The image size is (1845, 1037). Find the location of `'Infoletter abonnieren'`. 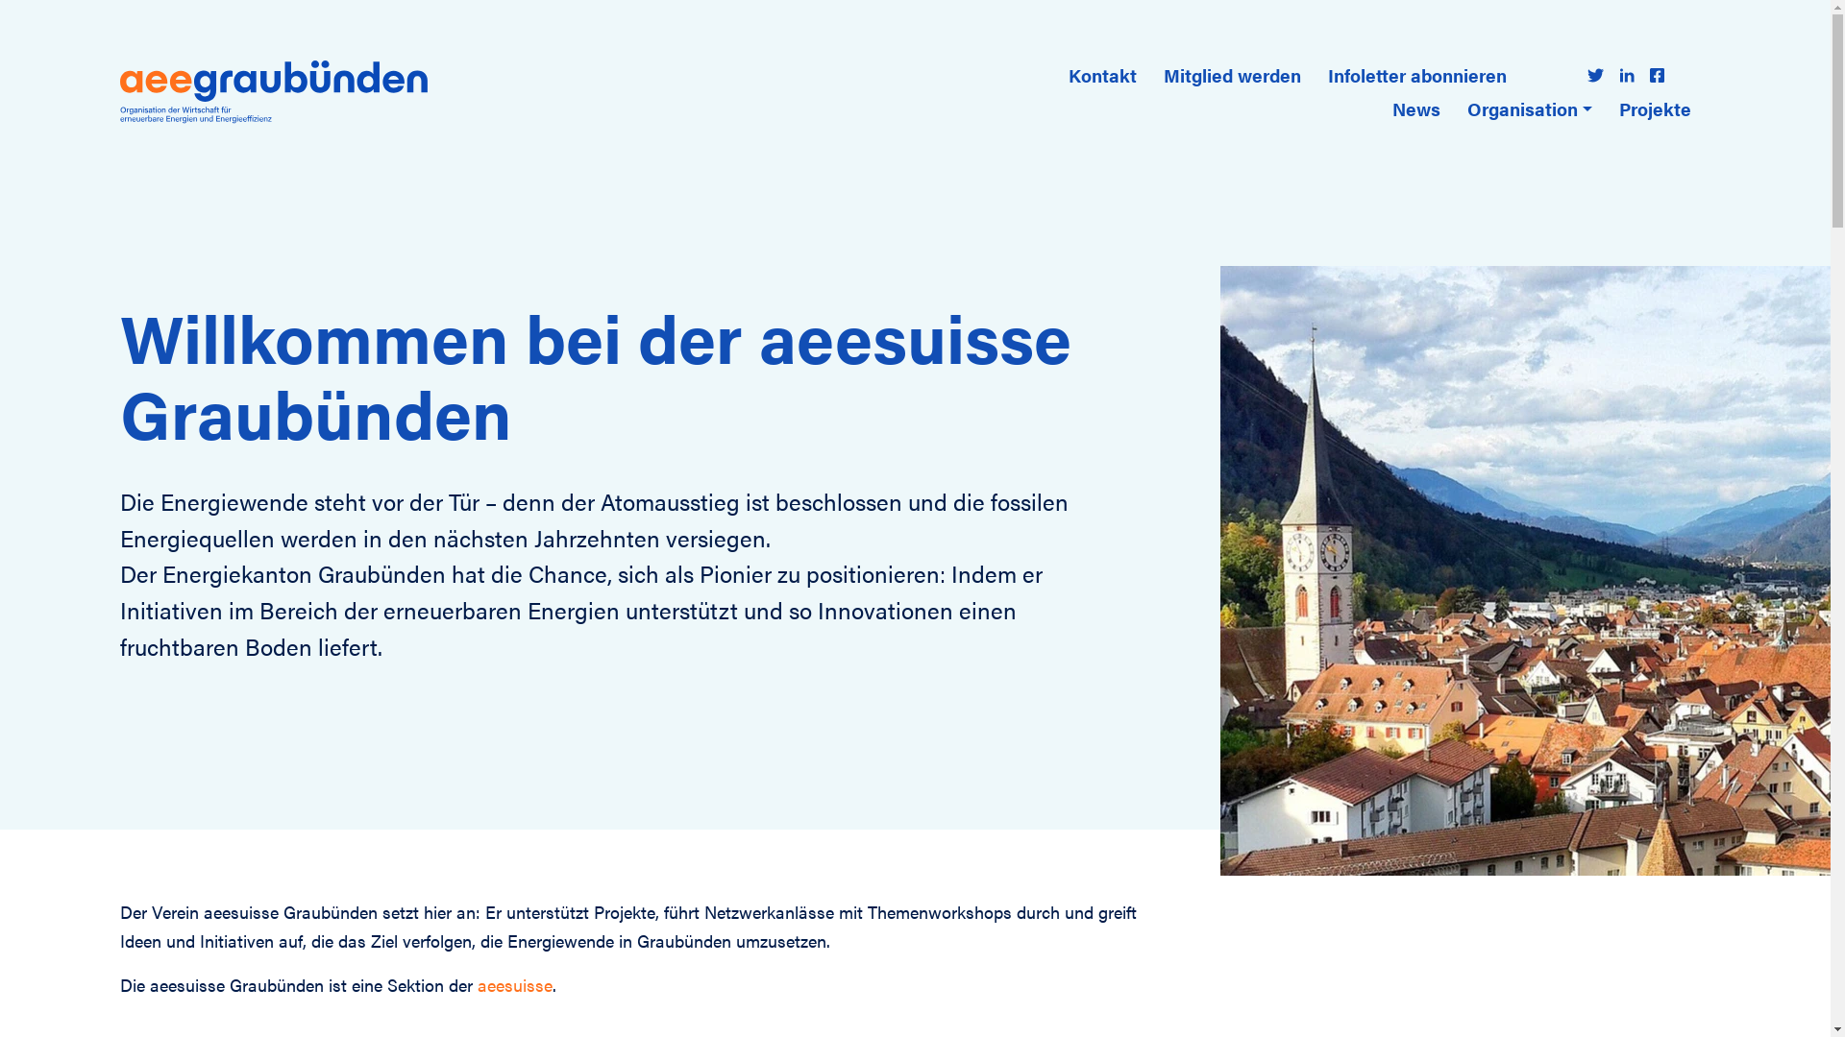

'Infoletter abonnieren' is located at coordinates (1416, 74).